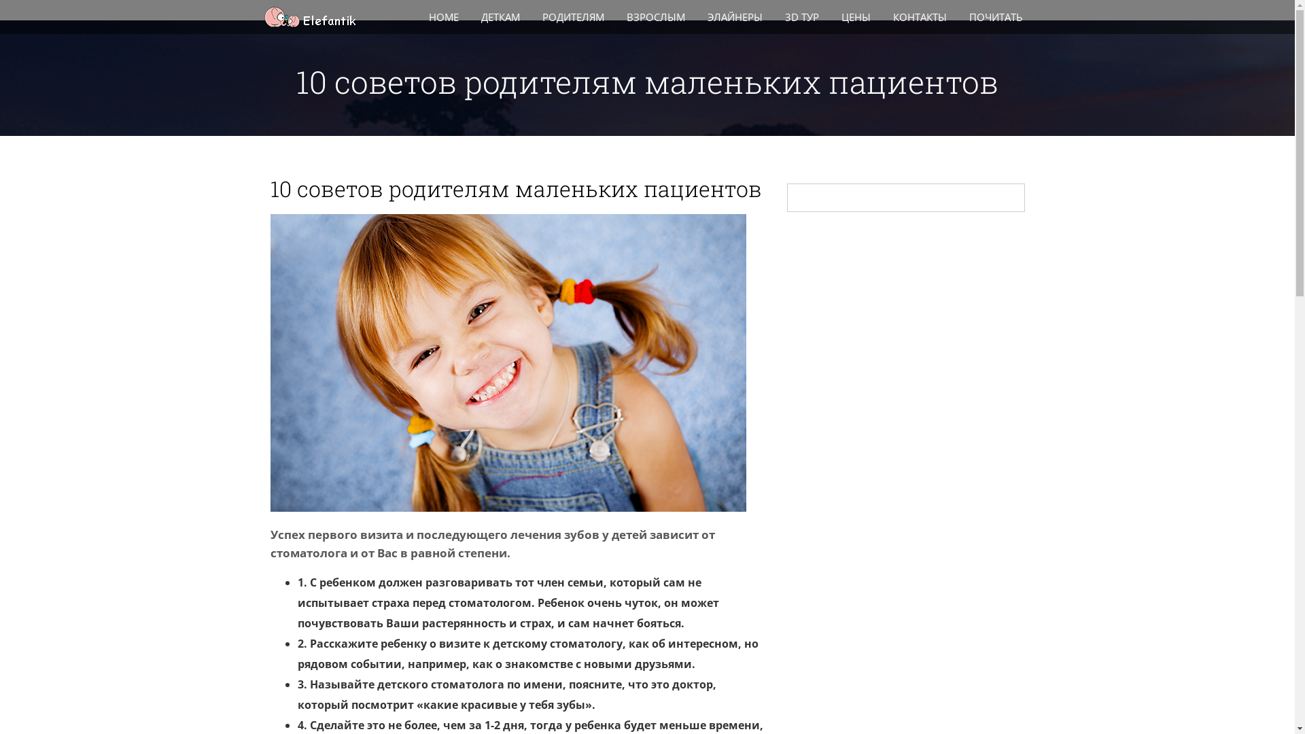 The height and width of the screenshot is (734, 1305). Describe the element at coordinates (444, 16) in the screenshot. I see `'HOME'` at that location.